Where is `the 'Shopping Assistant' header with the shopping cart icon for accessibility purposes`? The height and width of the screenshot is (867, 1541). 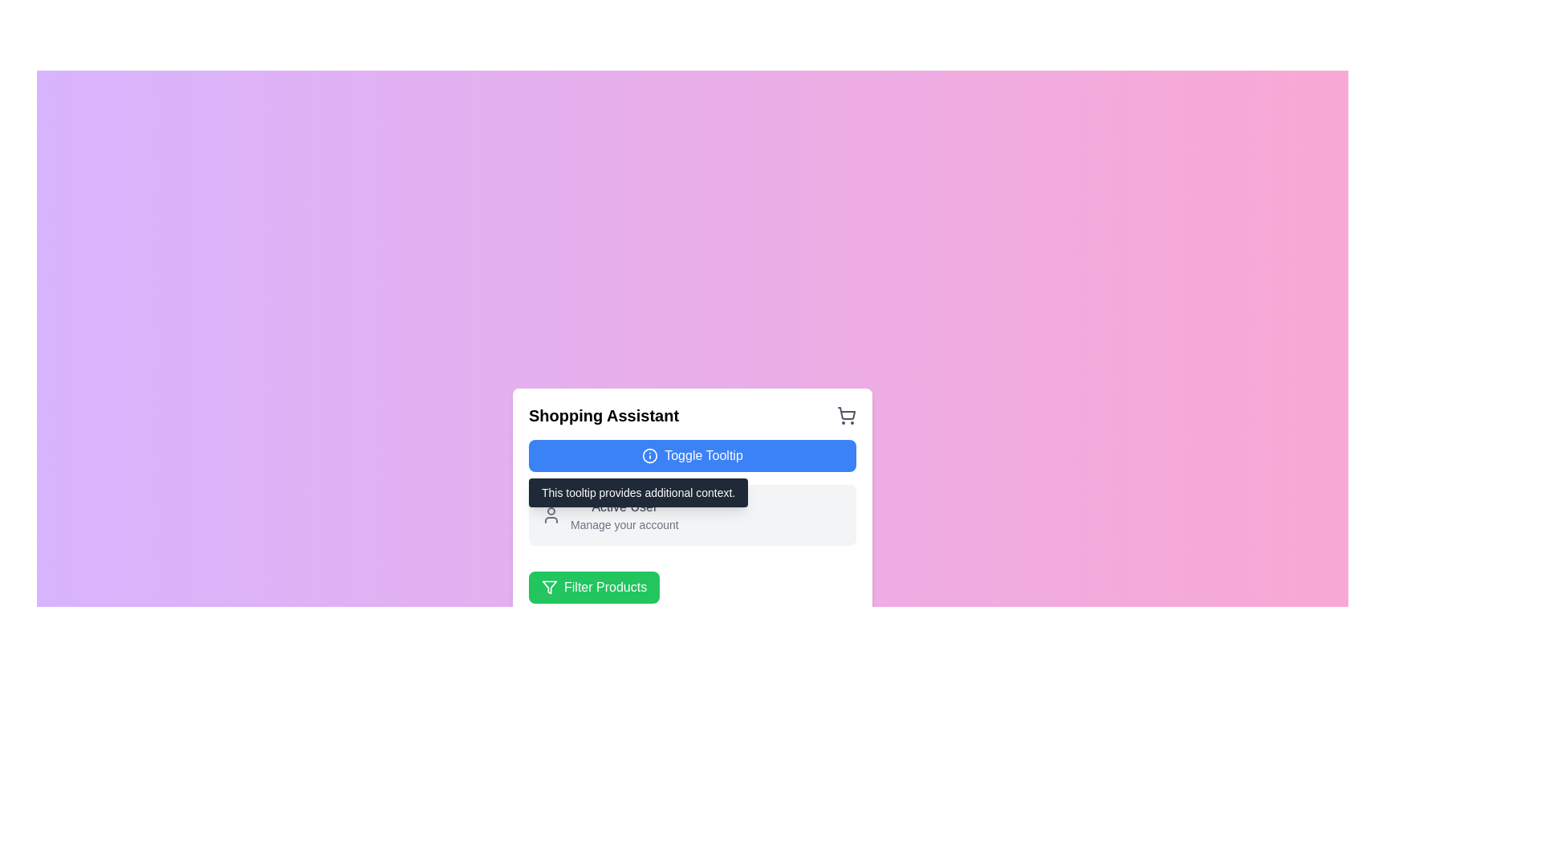 the 'Shopping Assistant' header with the shopping cart icon for accessibility purposes is located at coordinates (693, 414).